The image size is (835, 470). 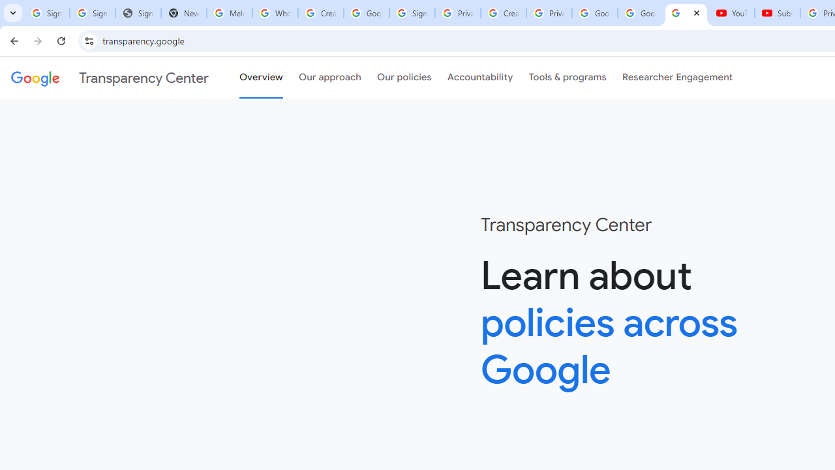 What do you see at coordinates (404, 78) in the screenshot?
I see `'Our policies'` at bounding box center [404, 78].